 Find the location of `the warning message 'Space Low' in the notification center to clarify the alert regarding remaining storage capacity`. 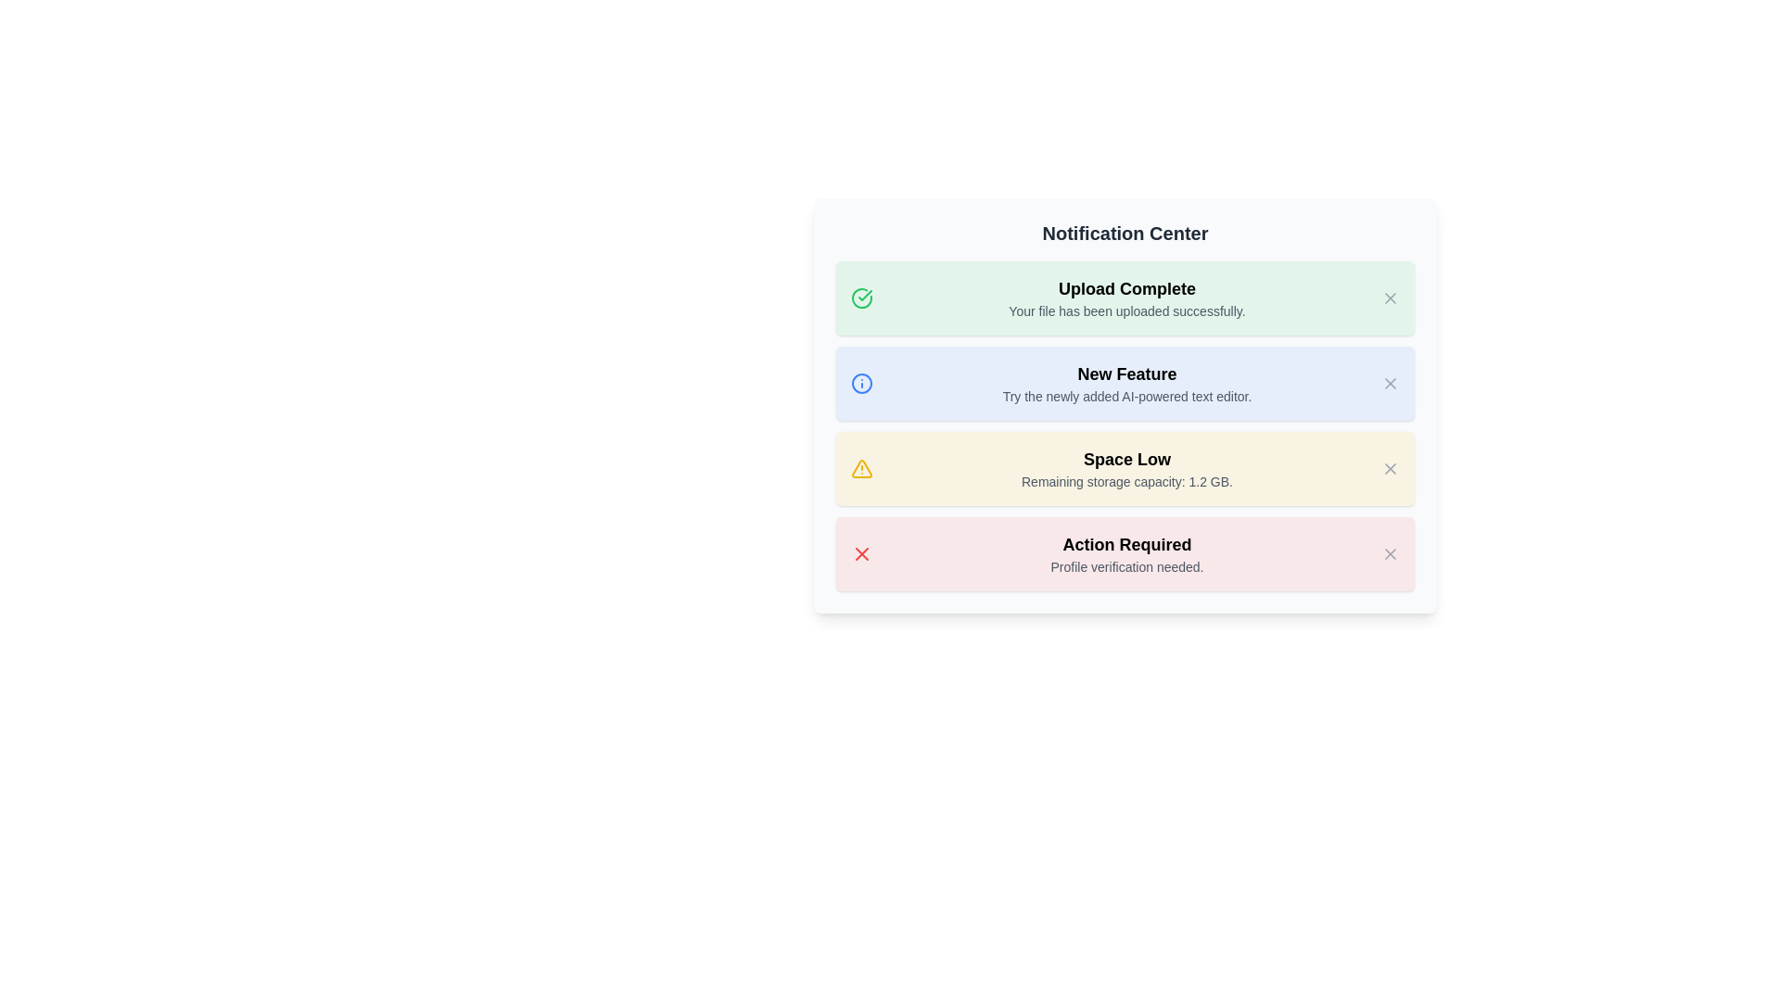

the warning message 'Space Low' in the notification center to clarify the alert regarding remaining storage capacity is located at coordinates (1125, 467).